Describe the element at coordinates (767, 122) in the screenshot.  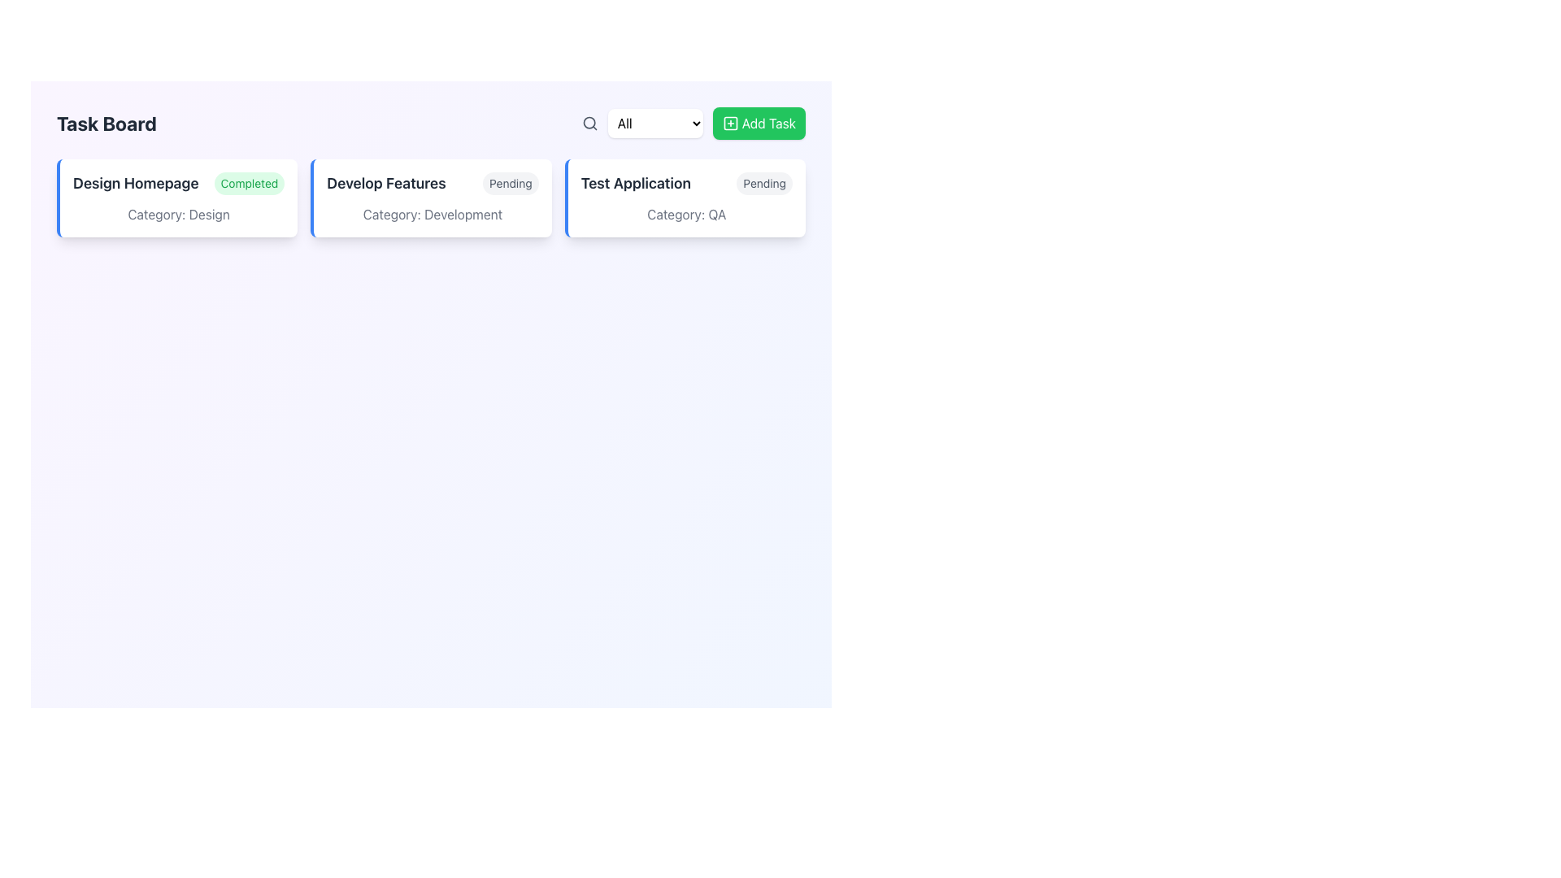
I see `the 'Add Task' text label, which is styled as part of a button with rounded corners and shadows, located in the top-right corner of the interface` at that location.